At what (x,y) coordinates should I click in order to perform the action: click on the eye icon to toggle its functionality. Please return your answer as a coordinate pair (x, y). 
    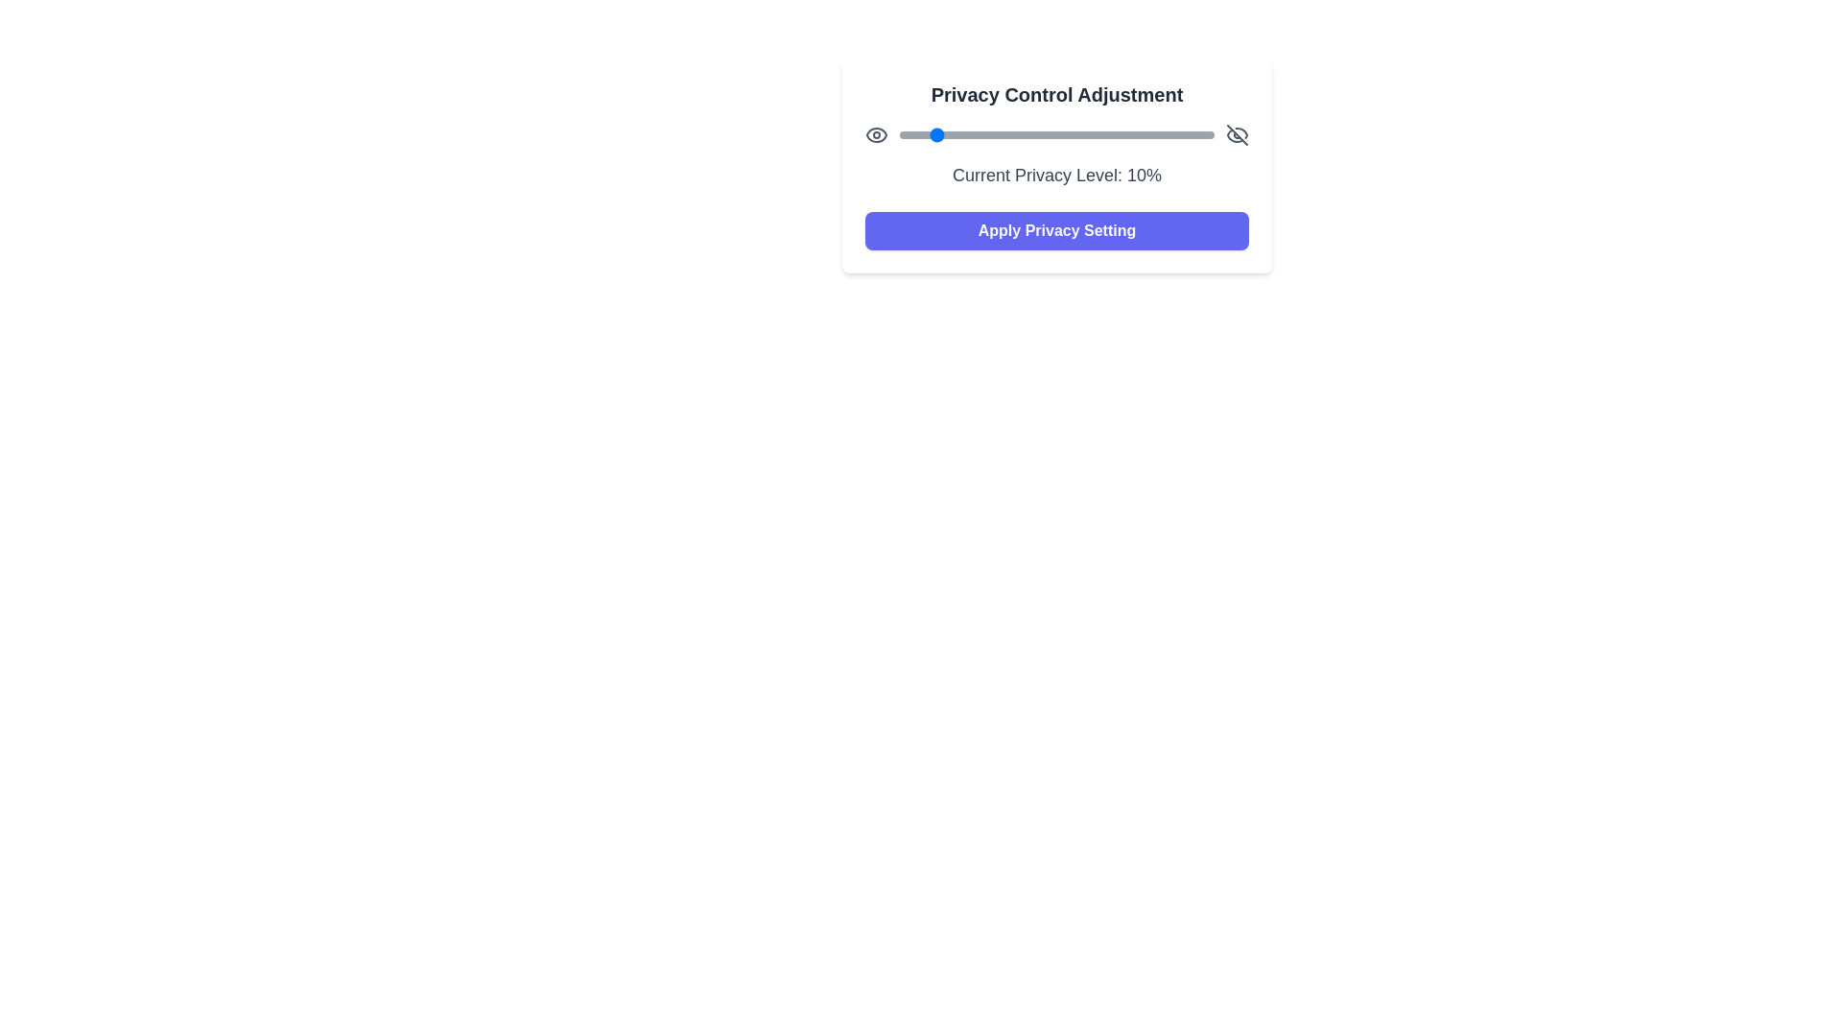
    Looking at the image, I should click on (875, 134).